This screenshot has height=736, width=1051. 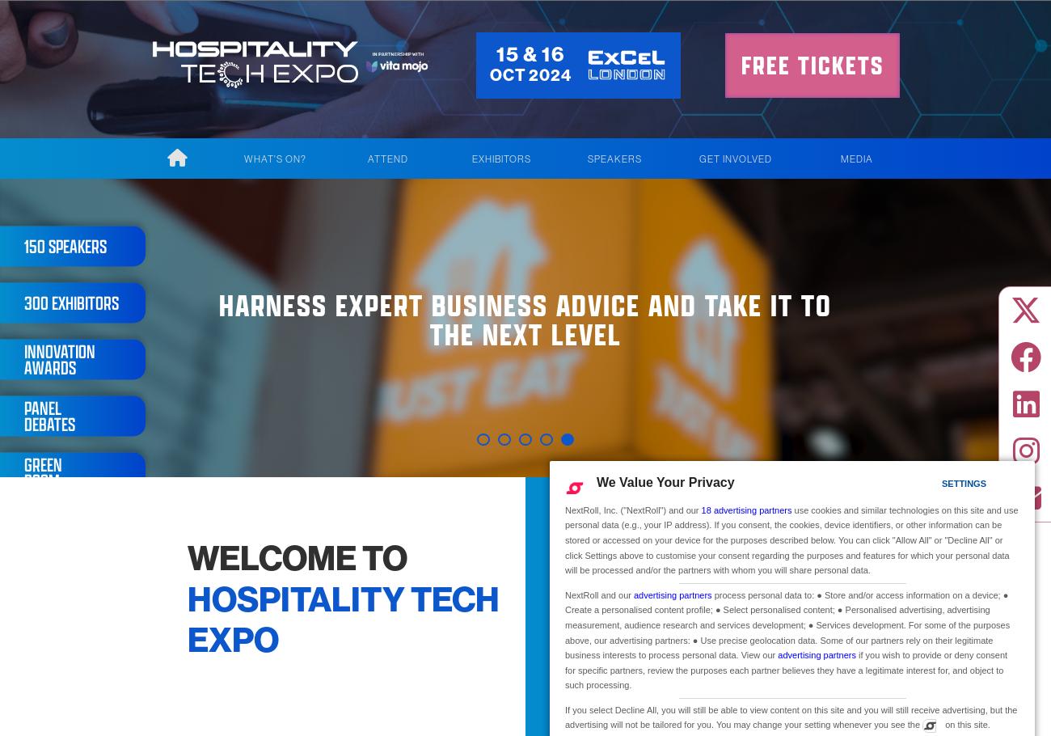 I want to click on 'Exhibitor Login', so click(x=495, y=227).